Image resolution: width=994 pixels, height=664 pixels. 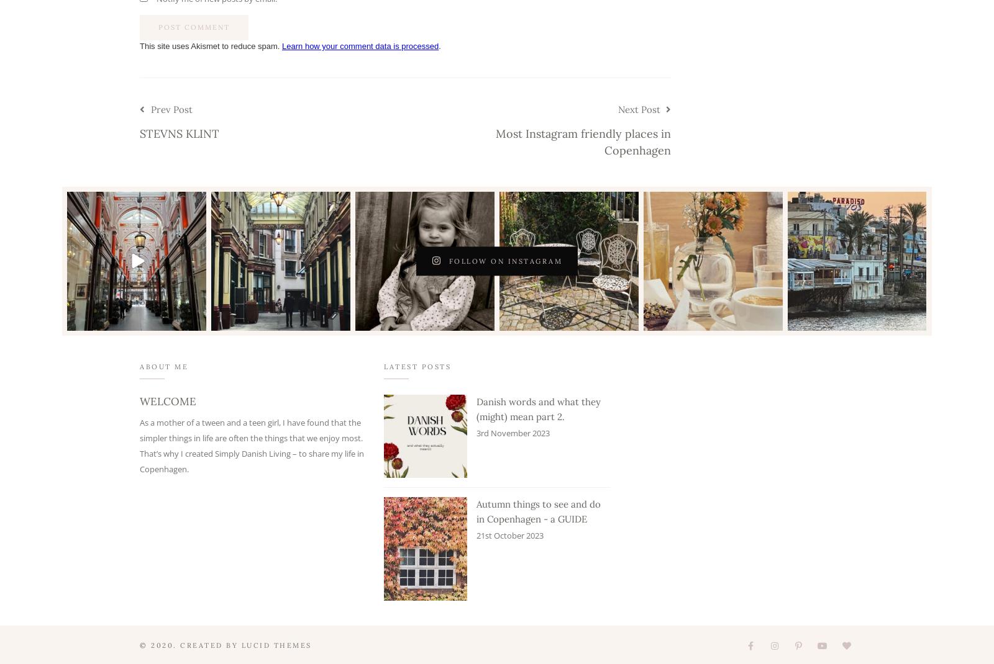 What do you see at coordinates (226, 645) in the screenshot?
I see `'© 2020. Created By Lucid Themes'` at bounding box center [226, 645].